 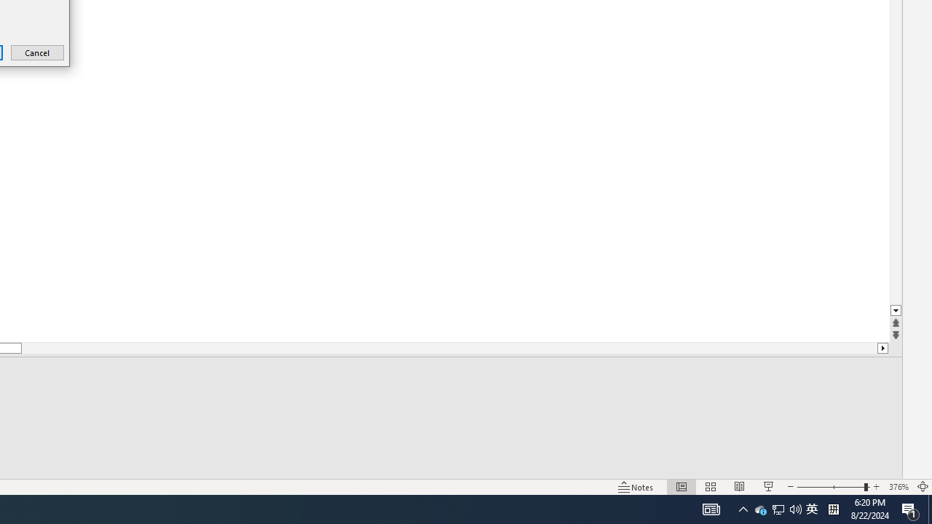 I want to click on 'Notification Chevron', so click(x=743, y=508).